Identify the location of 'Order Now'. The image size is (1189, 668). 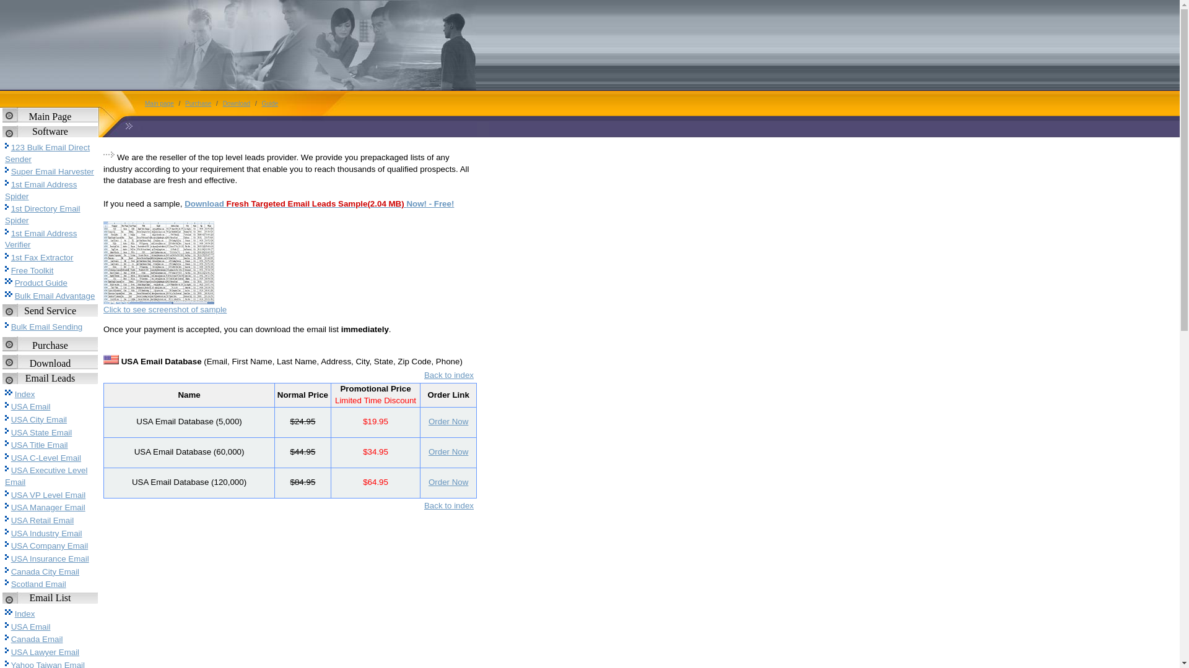
(448, 481).